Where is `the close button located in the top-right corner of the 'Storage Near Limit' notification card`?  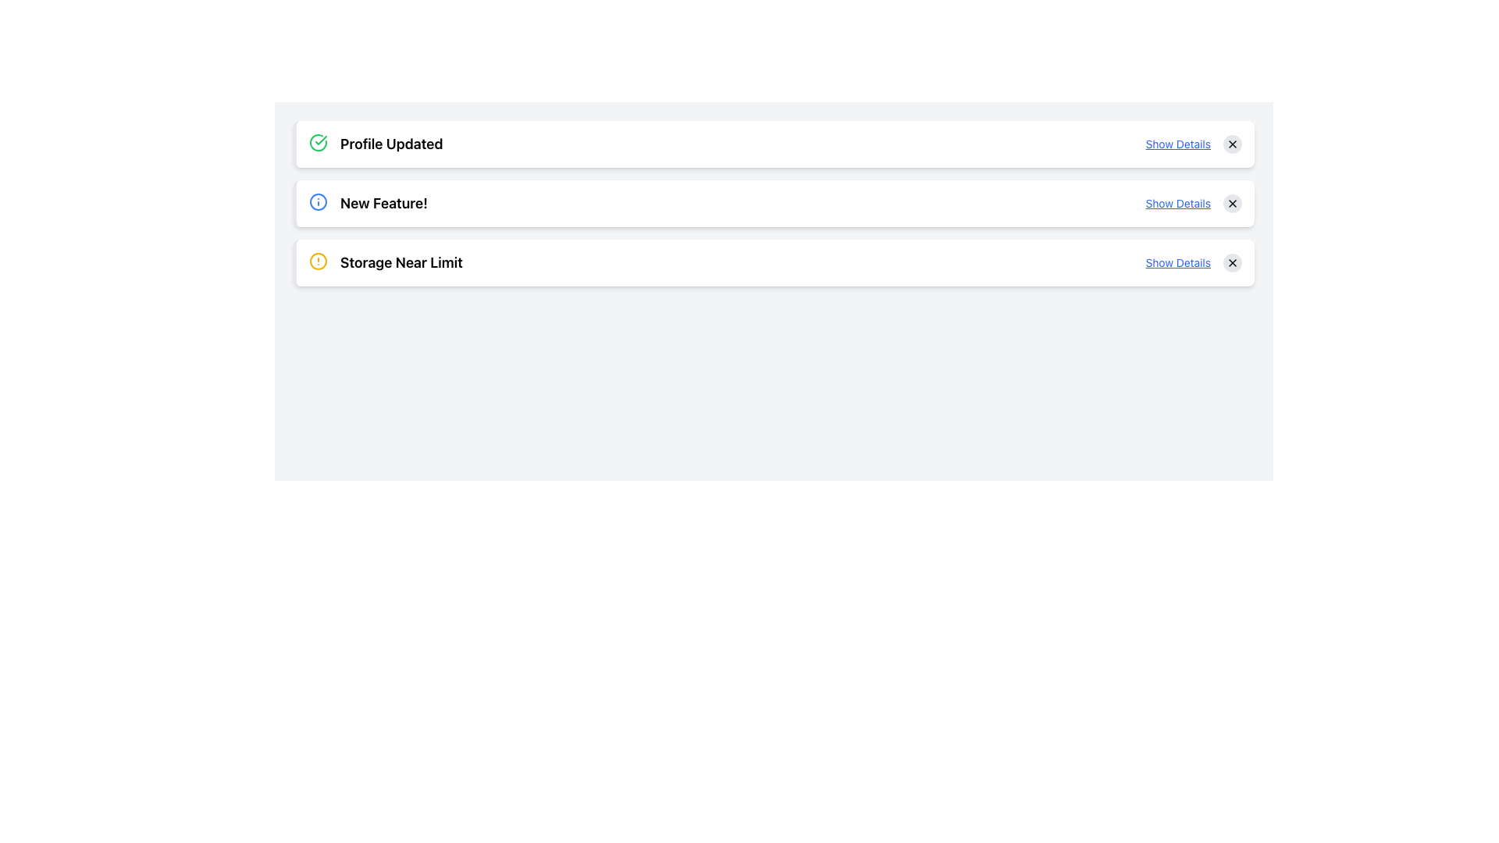
the close button located in the top-right corner of the 'Storage Near Limit' notification card is located at coordinates (1232, 261).